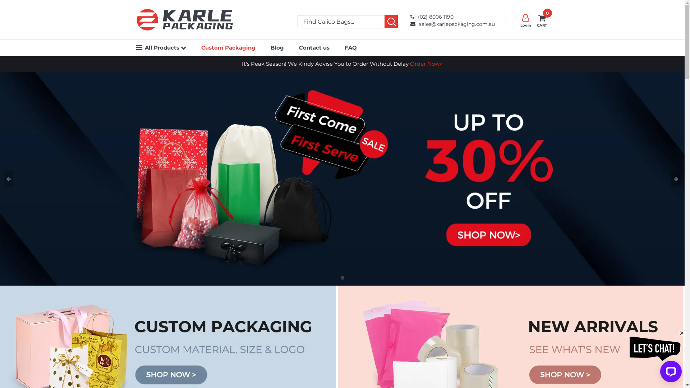 This screenshot has width=690, height=388. What do you see at coordinates (535, 20) in the screenshot?
I see `'0` at bounding box center [535, 20].